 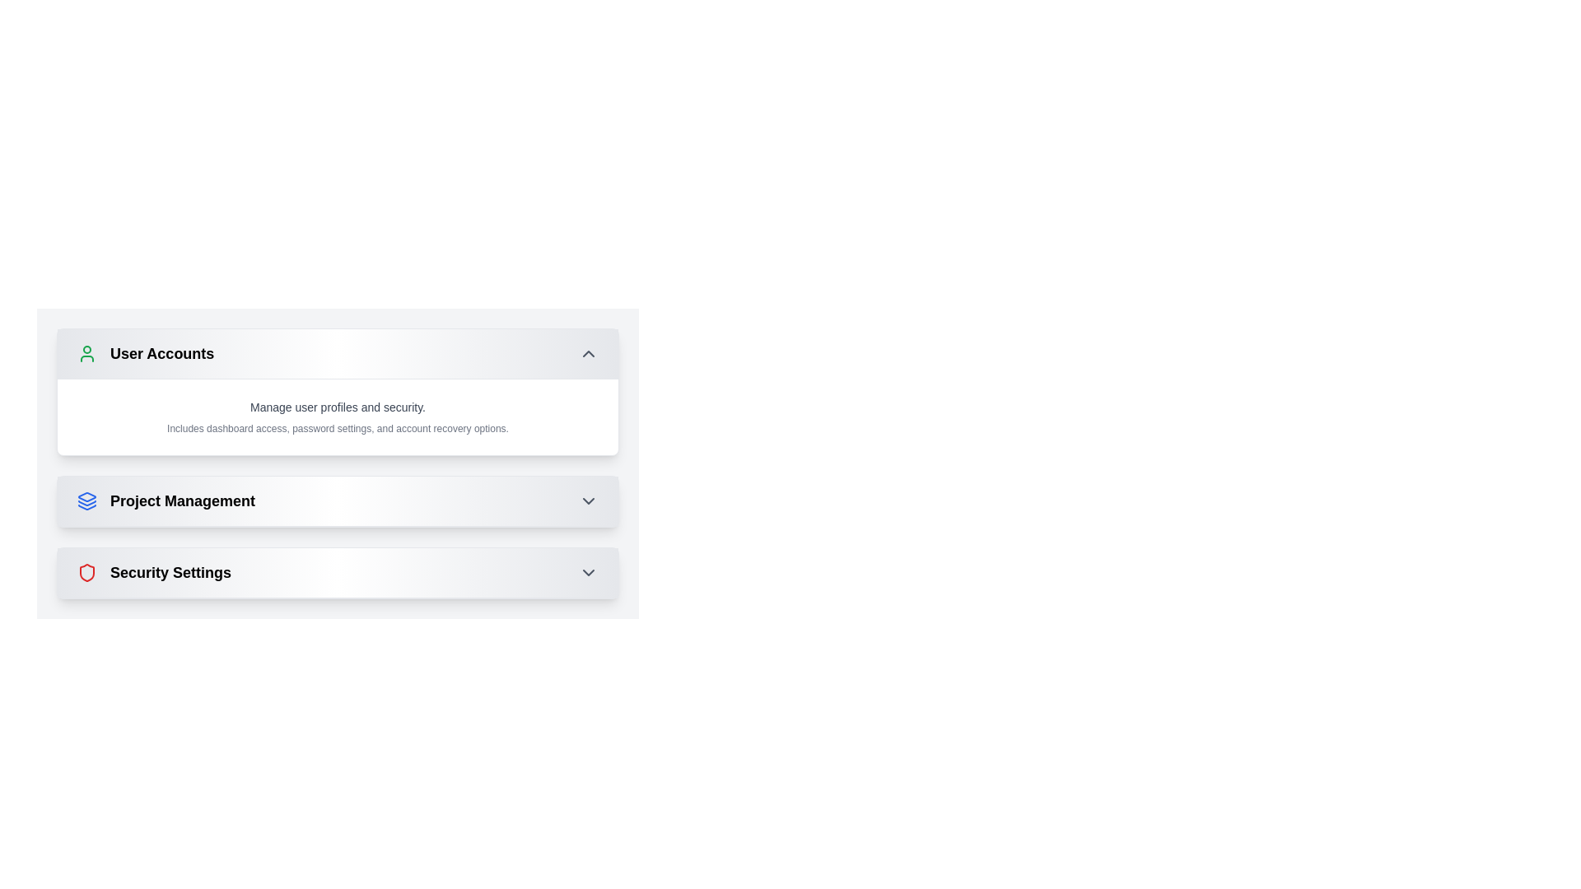 I want to click on text of the label that serves as the title for the 'Project Management' section, which is positioned to the left of the chevron-down icon and below the 'User Accounts' section, so click(x=166, y=500).